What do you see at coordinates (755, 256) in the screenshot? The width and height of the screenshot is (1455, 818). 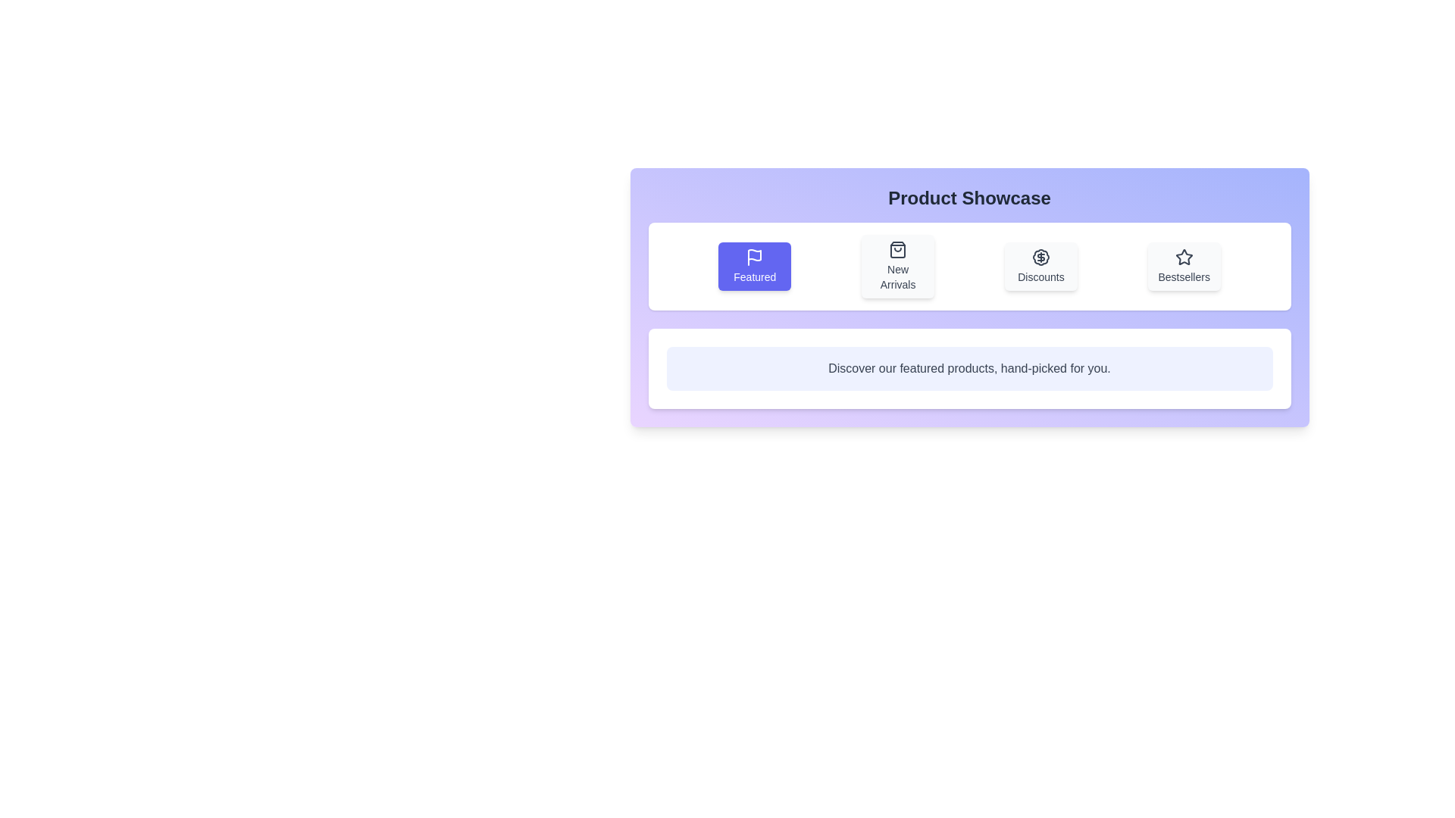 I see `the small flag icon located at the top center of the 'Featured' button, which is part of the 'Product Showcase' section` at bounding box center [755, 256].